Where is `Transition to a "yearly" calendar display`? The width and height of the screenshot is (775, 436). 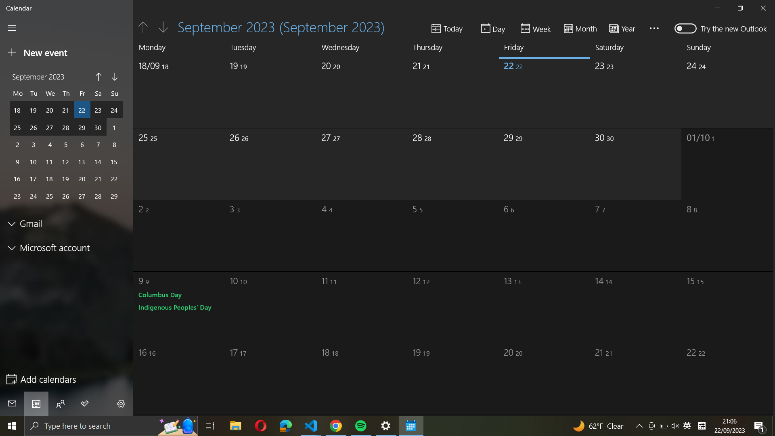
Transition to a "yearly" calendar display is located at coordinates (624, 27).